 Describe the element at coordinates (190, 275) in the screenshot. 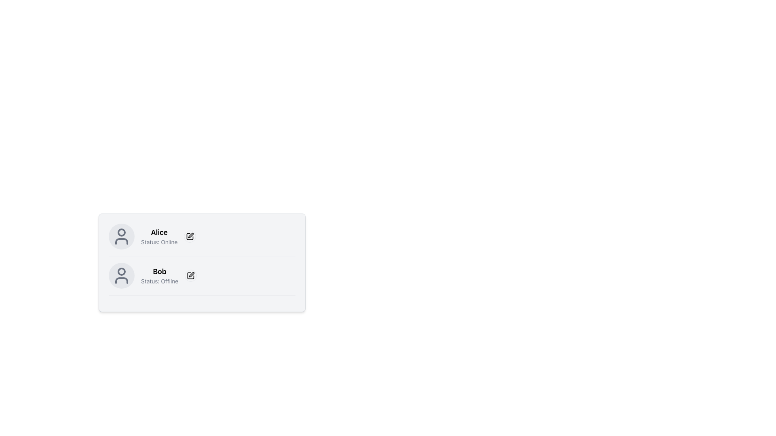

I see `the pen icon located to the right of the text labeled 'Bob' to initiate an edit action` at that location.